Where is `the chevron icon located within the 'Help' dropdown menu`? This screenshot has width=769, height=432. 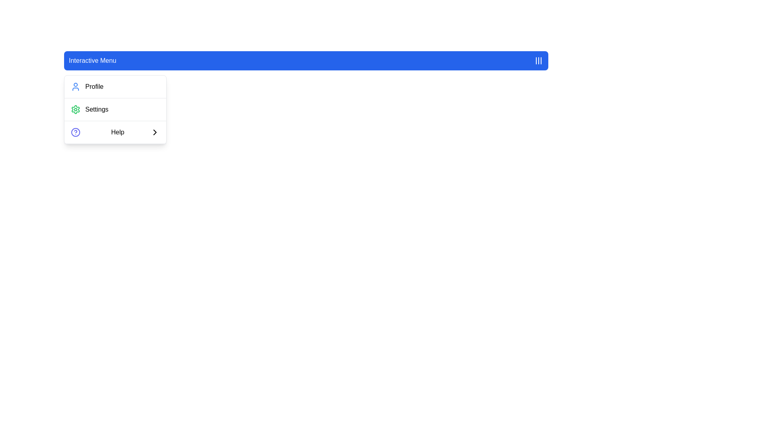
the chevron icon located within the 'Help' dropdown menu is located at coordinates (155, 132).